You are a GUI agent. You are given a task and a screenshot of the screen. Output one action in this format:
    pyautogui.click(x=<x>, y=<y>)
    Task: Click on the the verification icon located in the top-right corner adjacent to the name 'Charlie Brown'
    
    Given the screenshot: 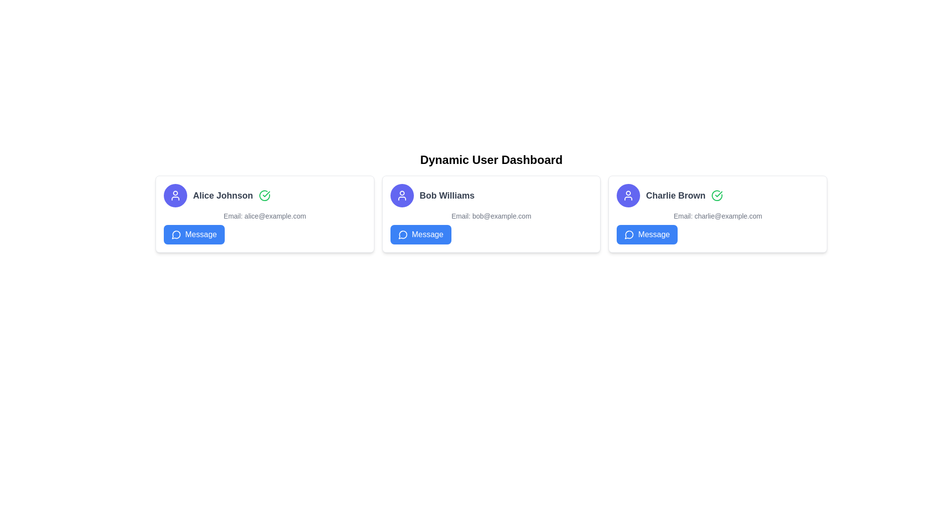 What is the action you would take?
    pyautogui.click(x=717, y=196)
    